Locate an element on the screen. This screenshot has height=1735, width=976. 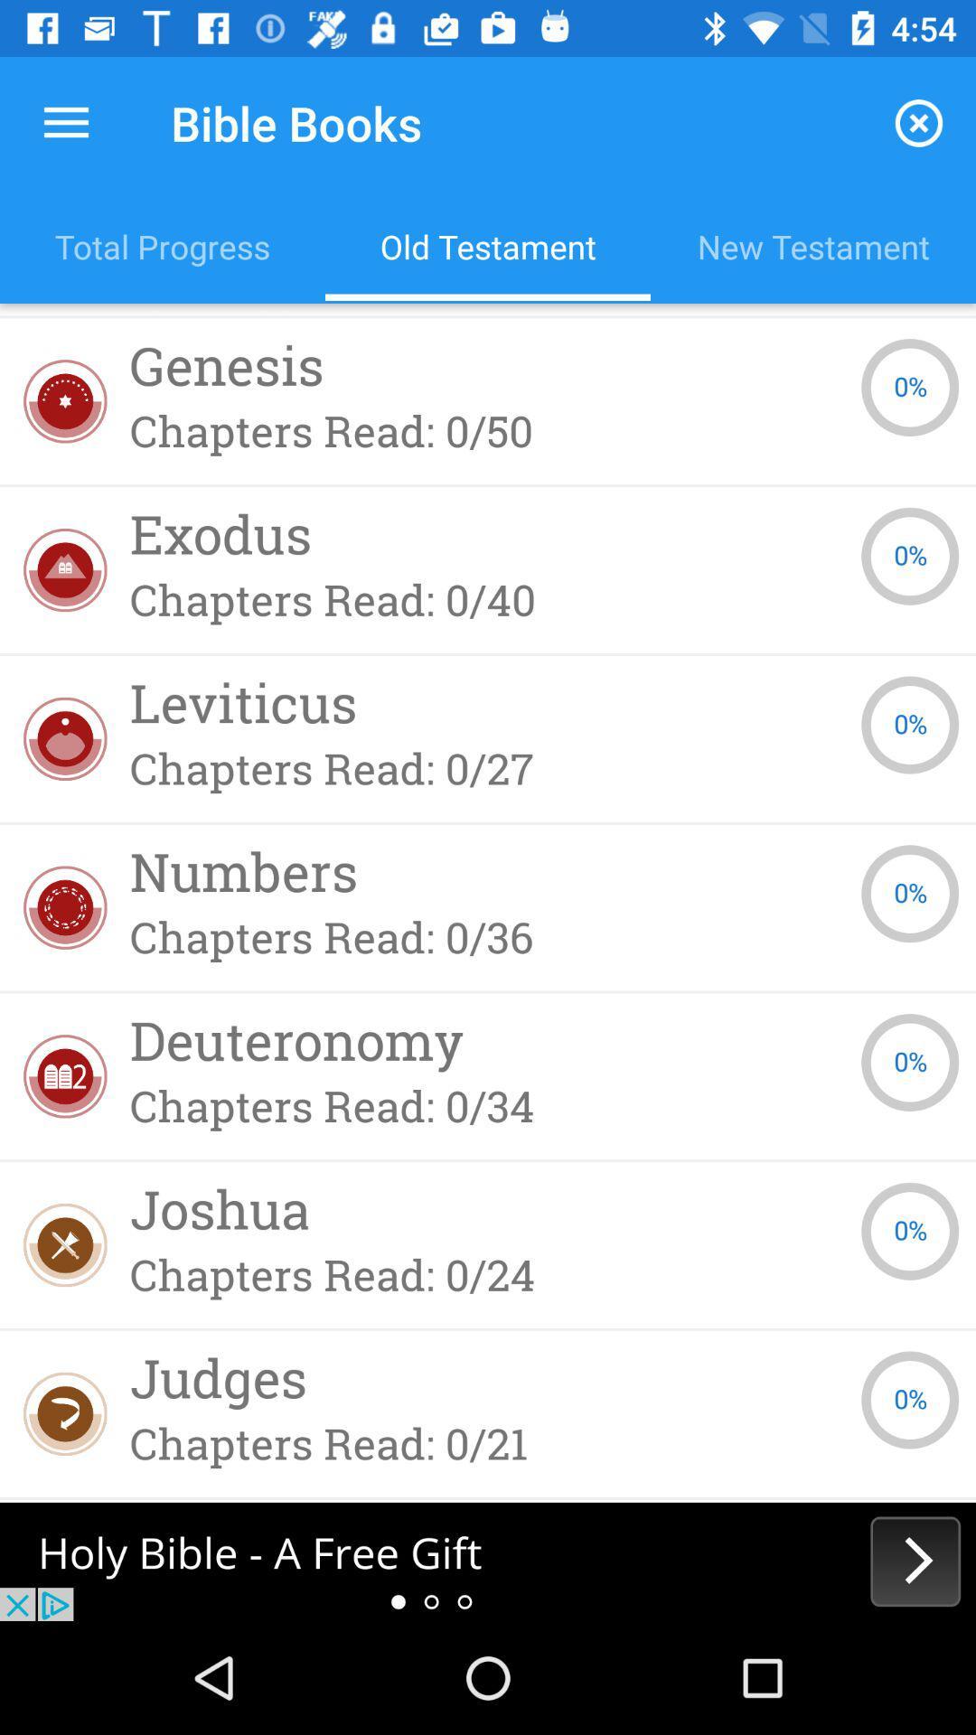
open advertisement is located at coordinates (488, 1561).